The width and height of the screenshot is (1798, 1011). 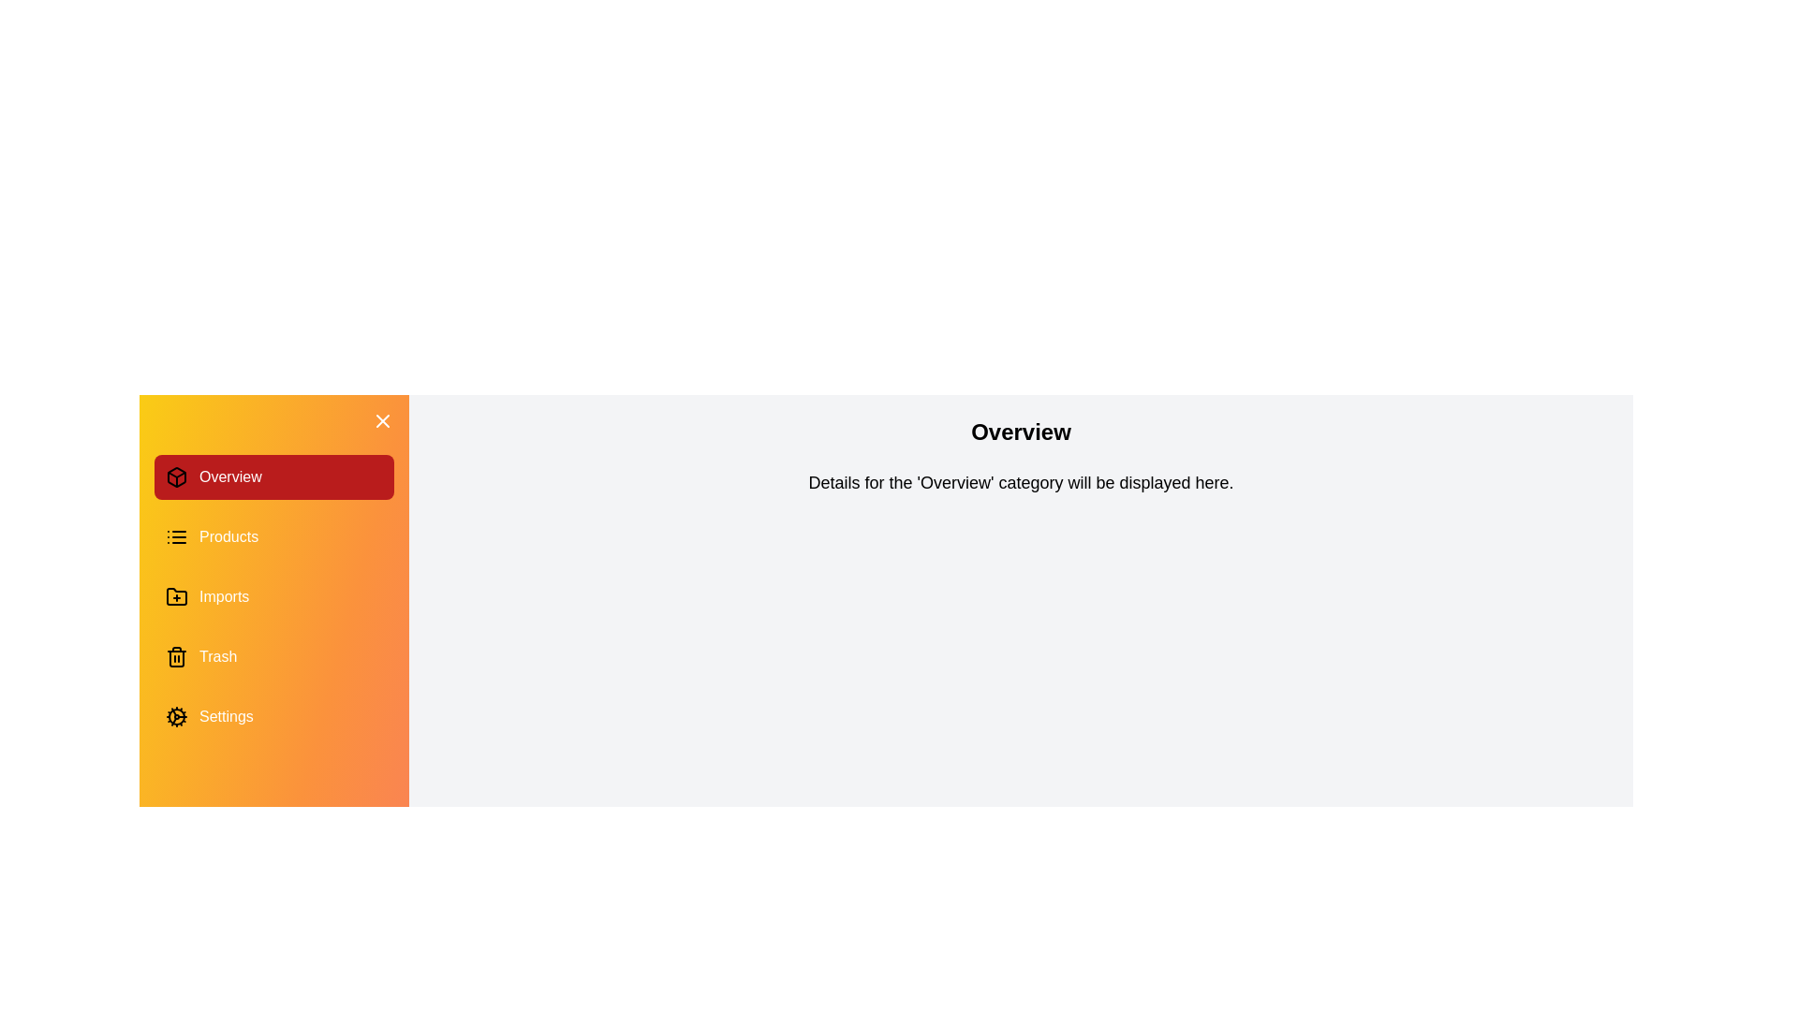 I want to click on the toggle button in the top-right corner of the drawer to toggle its open/closed state, so click(x=381, y=421).